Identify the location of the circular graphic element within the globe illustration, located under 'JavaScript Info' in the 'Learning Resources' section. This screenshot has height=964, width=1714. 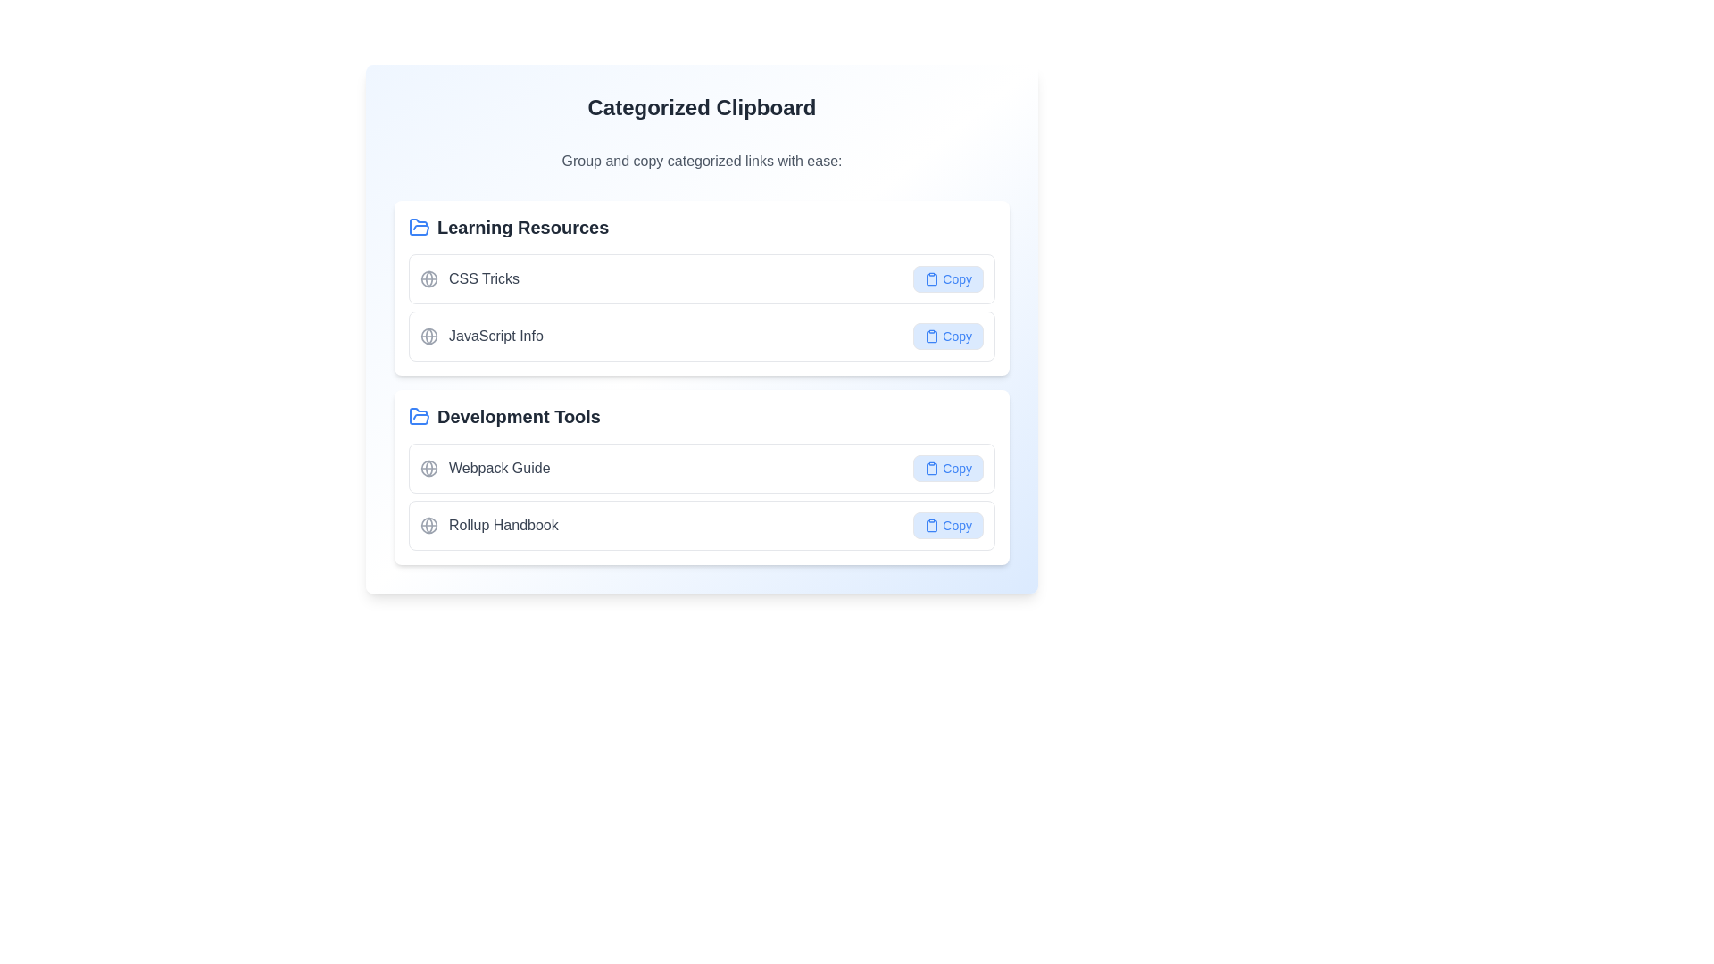
(428, 337).